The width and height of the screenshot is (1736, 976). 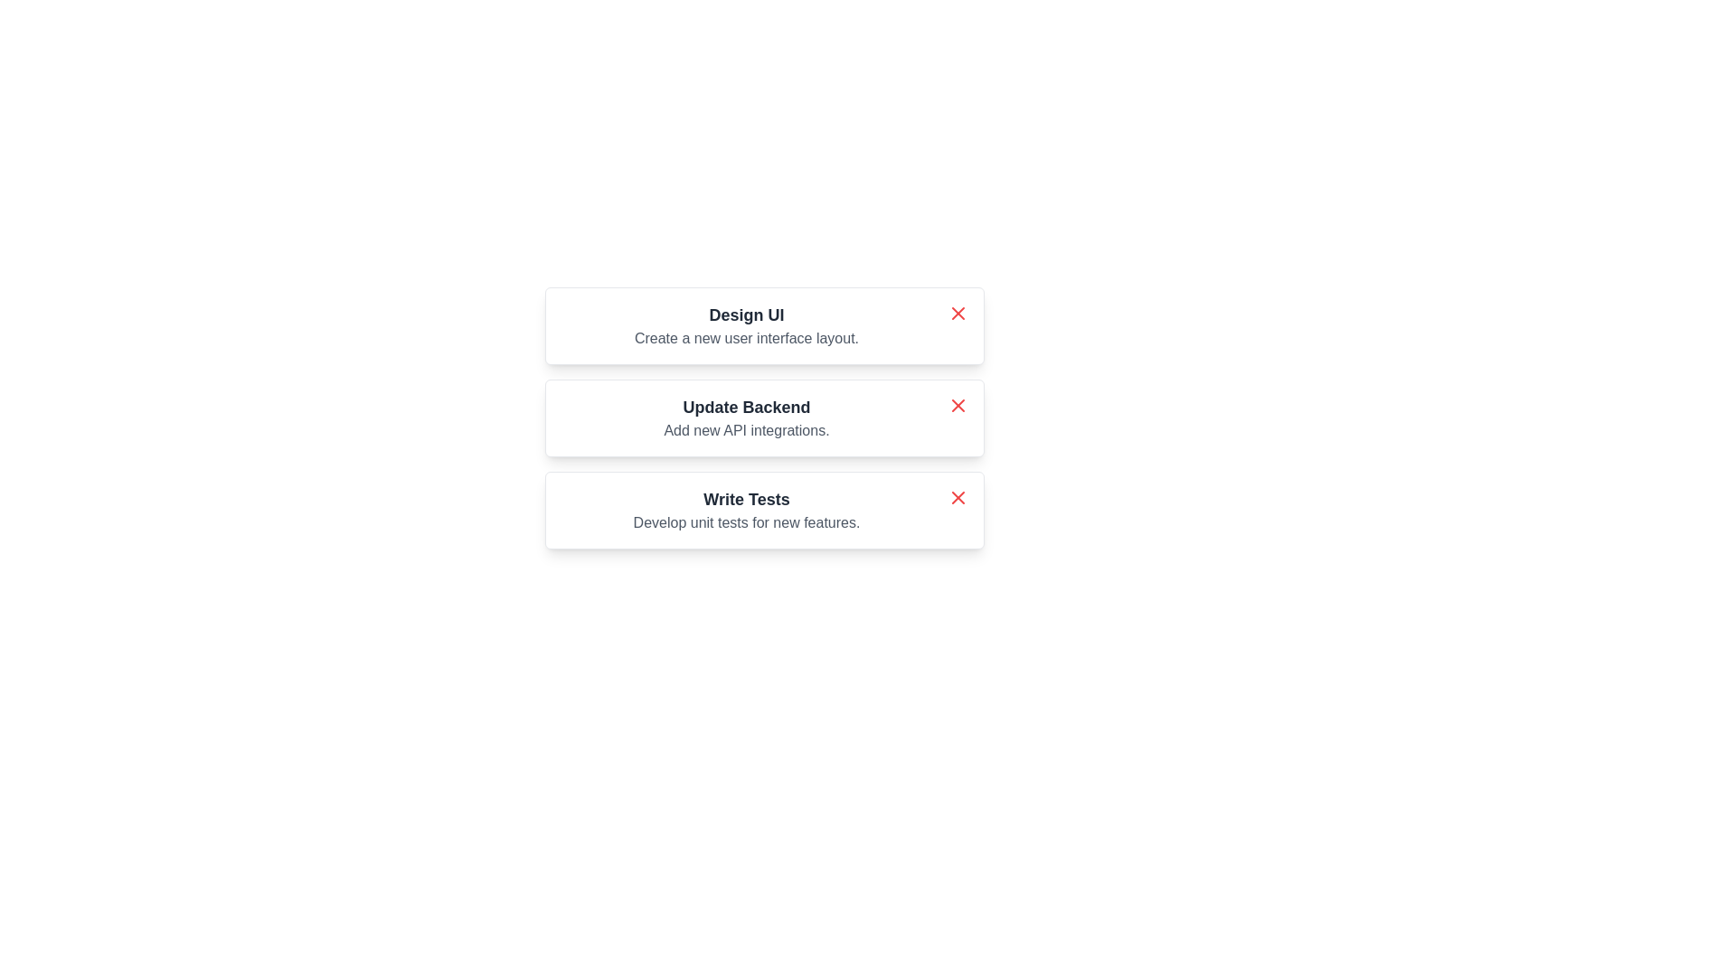 I want to click on the non-interactive text label providing context for the 'Update Backend' task, located in the second card of a vertical stack, so click(x=746, y=431).